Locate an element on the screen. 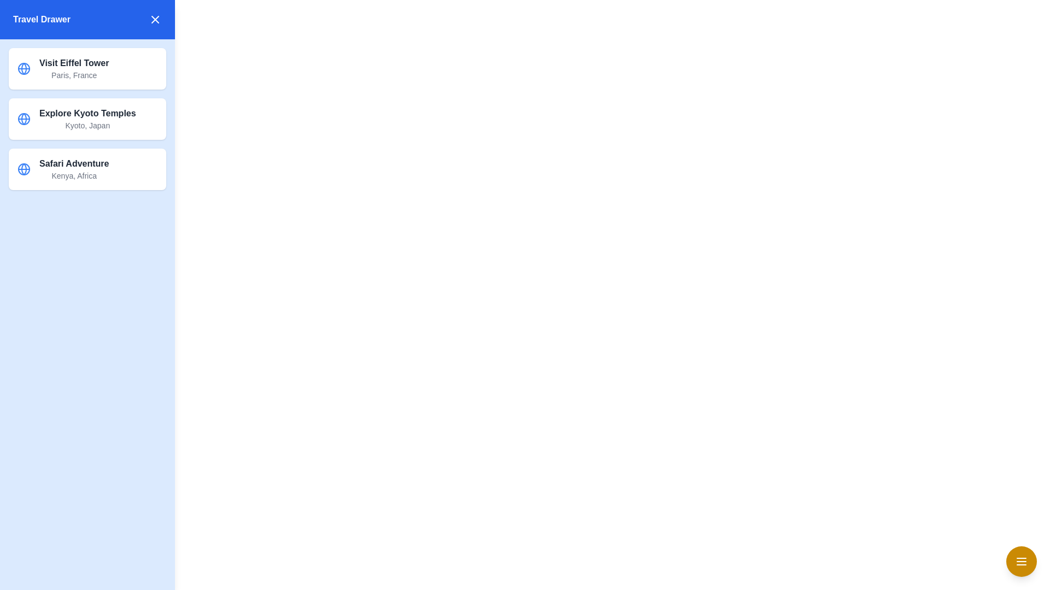 The width and height of the screenshot is (1050, 590). the travel destination card for the Eiffel Tower in Paris is located at coordinates (86, 69).